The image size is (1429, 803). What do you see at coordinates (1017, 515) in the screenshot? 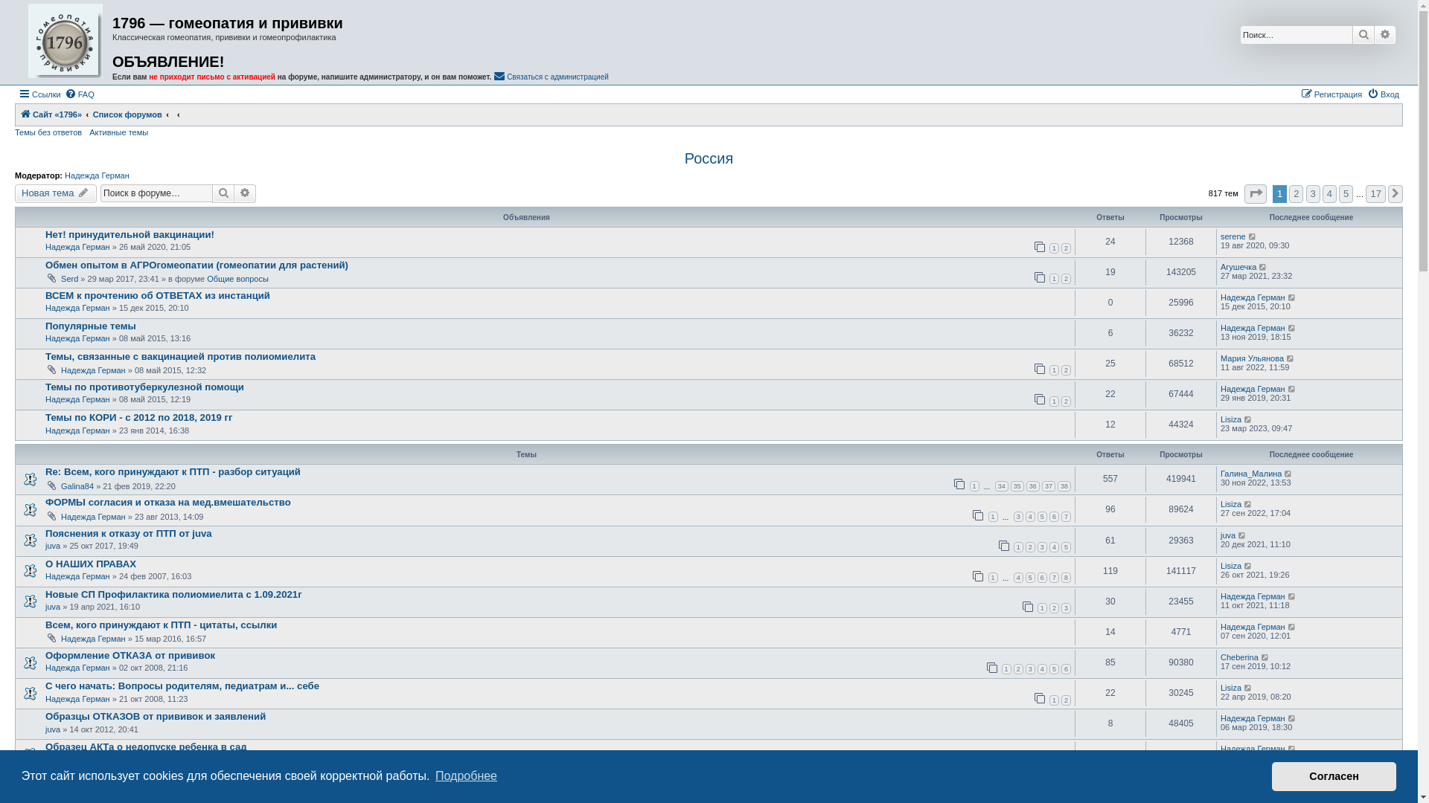
I see `'3'` at bounding box center [1017, 515].